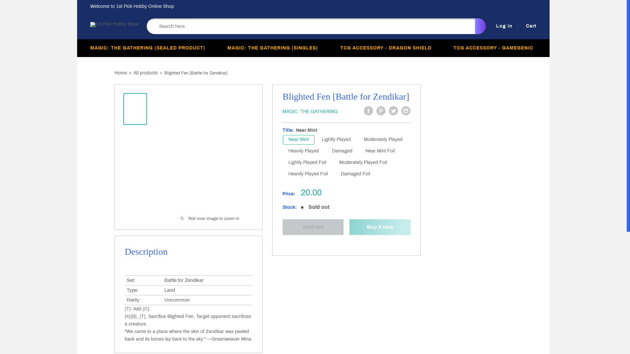 The image size is (630, 354). What do you see at coordinates (274, 48) in the screenshot?
I see `'MAGIC: THE GATHERING (SINGLES)  '` at bounding box center [274, 48].